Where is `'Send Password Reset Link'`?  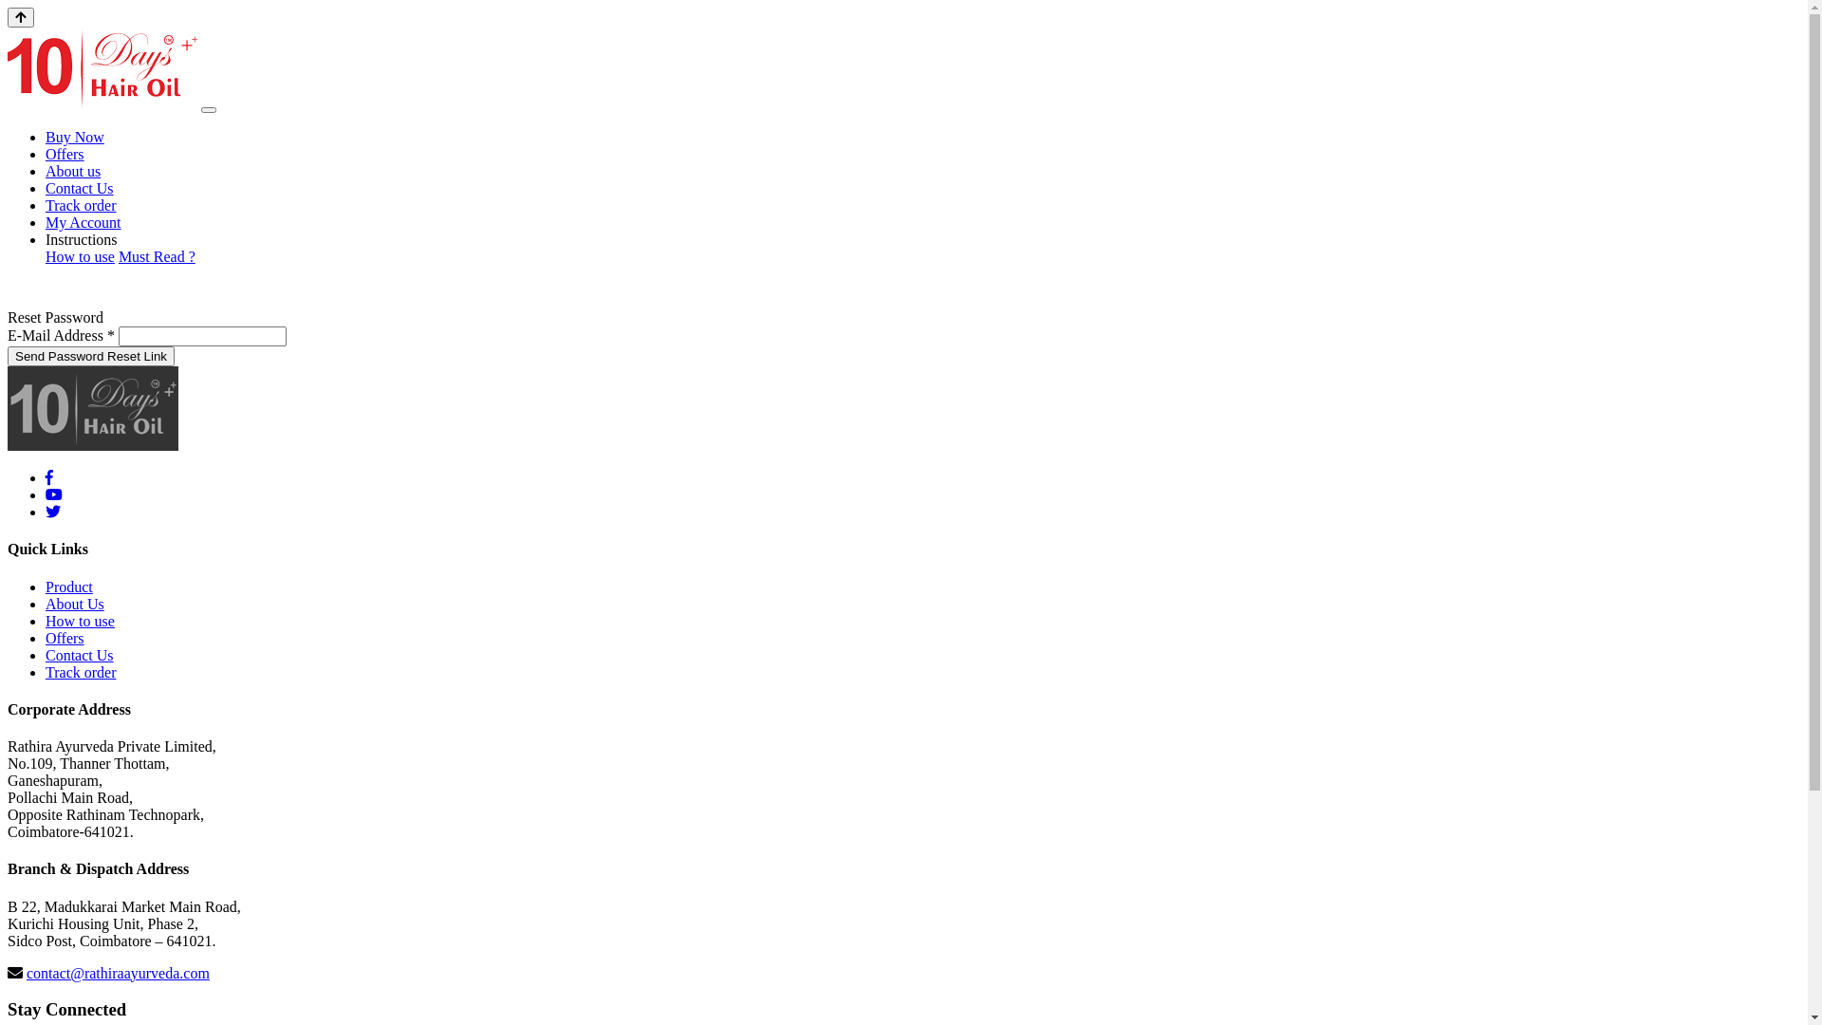 'Send Password Reset Link' is located at coordinates (90, 356).